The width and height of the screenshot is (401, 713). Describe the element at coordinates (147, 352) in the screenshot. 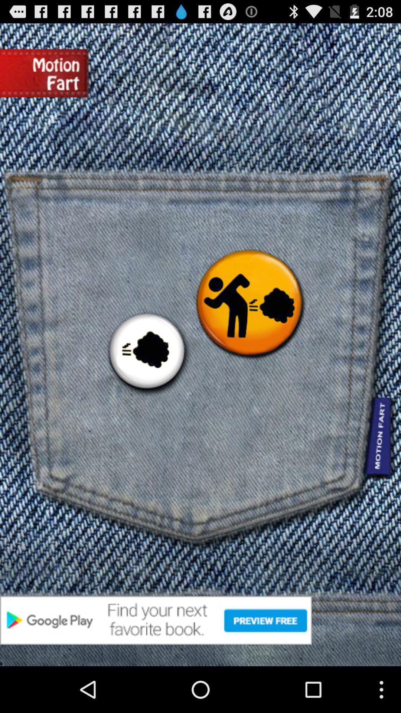

I see `press to make fart sound` at that location.